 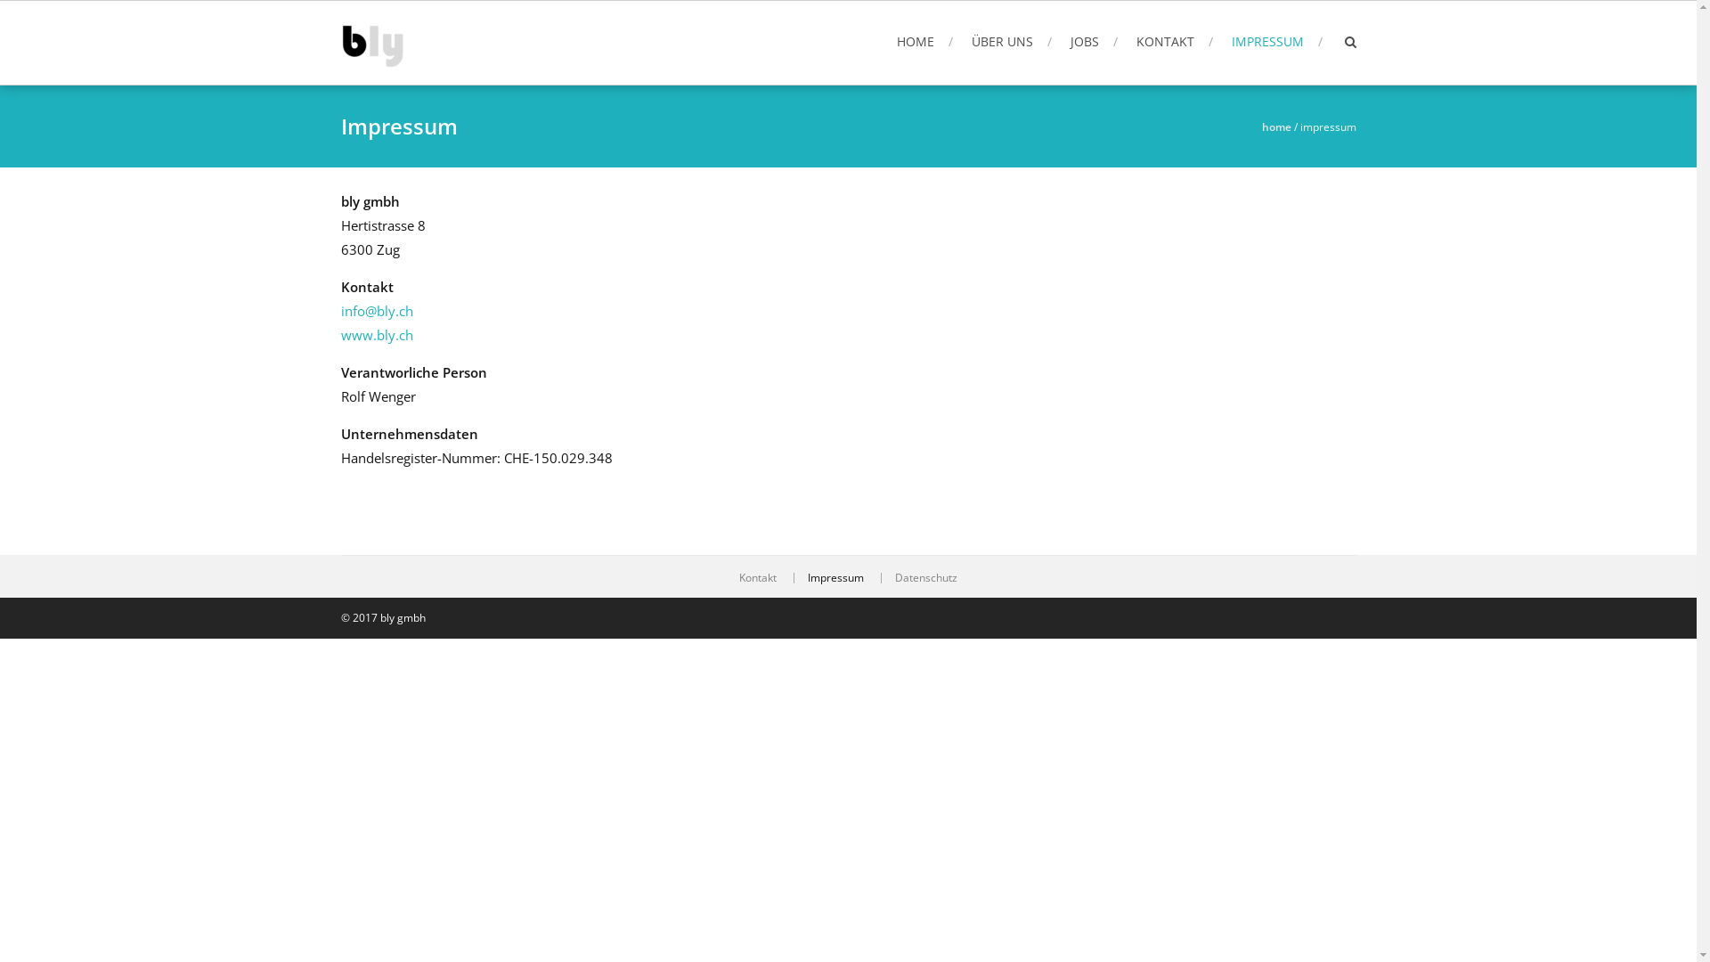 What do you see at coordinates (1093, 40) in the screenshot?
I see `'JOBS'` at bounding box center [1093, 40].